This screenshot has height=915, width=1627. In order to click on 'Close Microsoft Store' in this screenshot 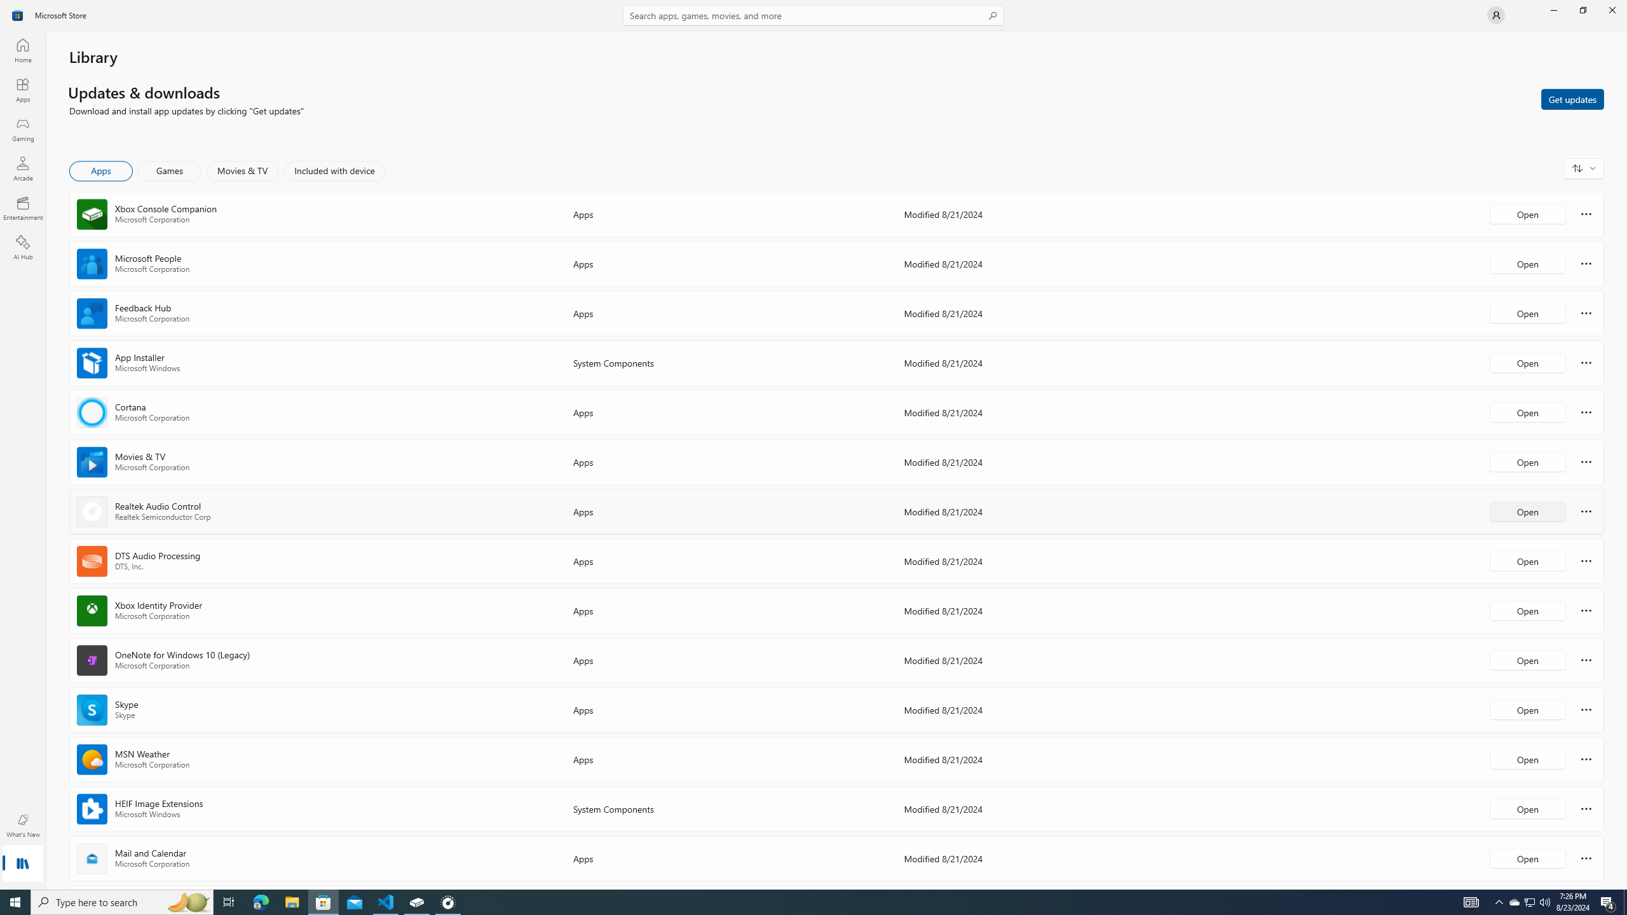, I will do `click(1611, 10)`.